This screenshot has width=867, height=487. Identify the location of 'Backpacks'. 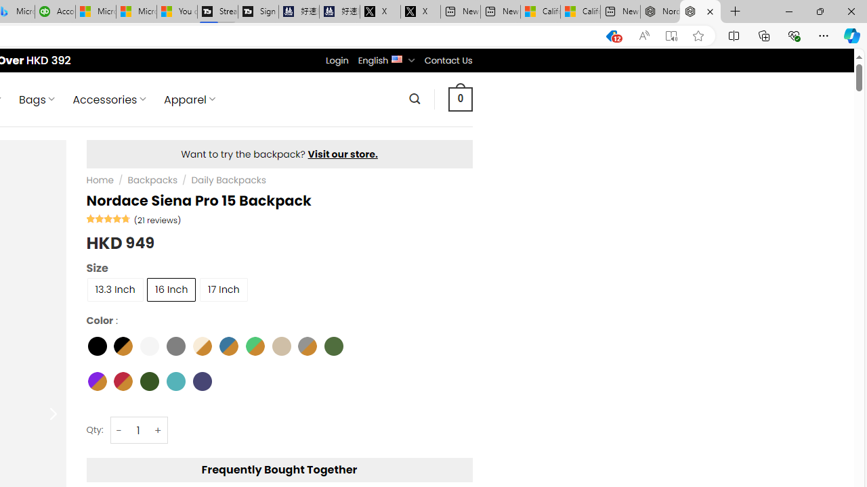
(152, 180).